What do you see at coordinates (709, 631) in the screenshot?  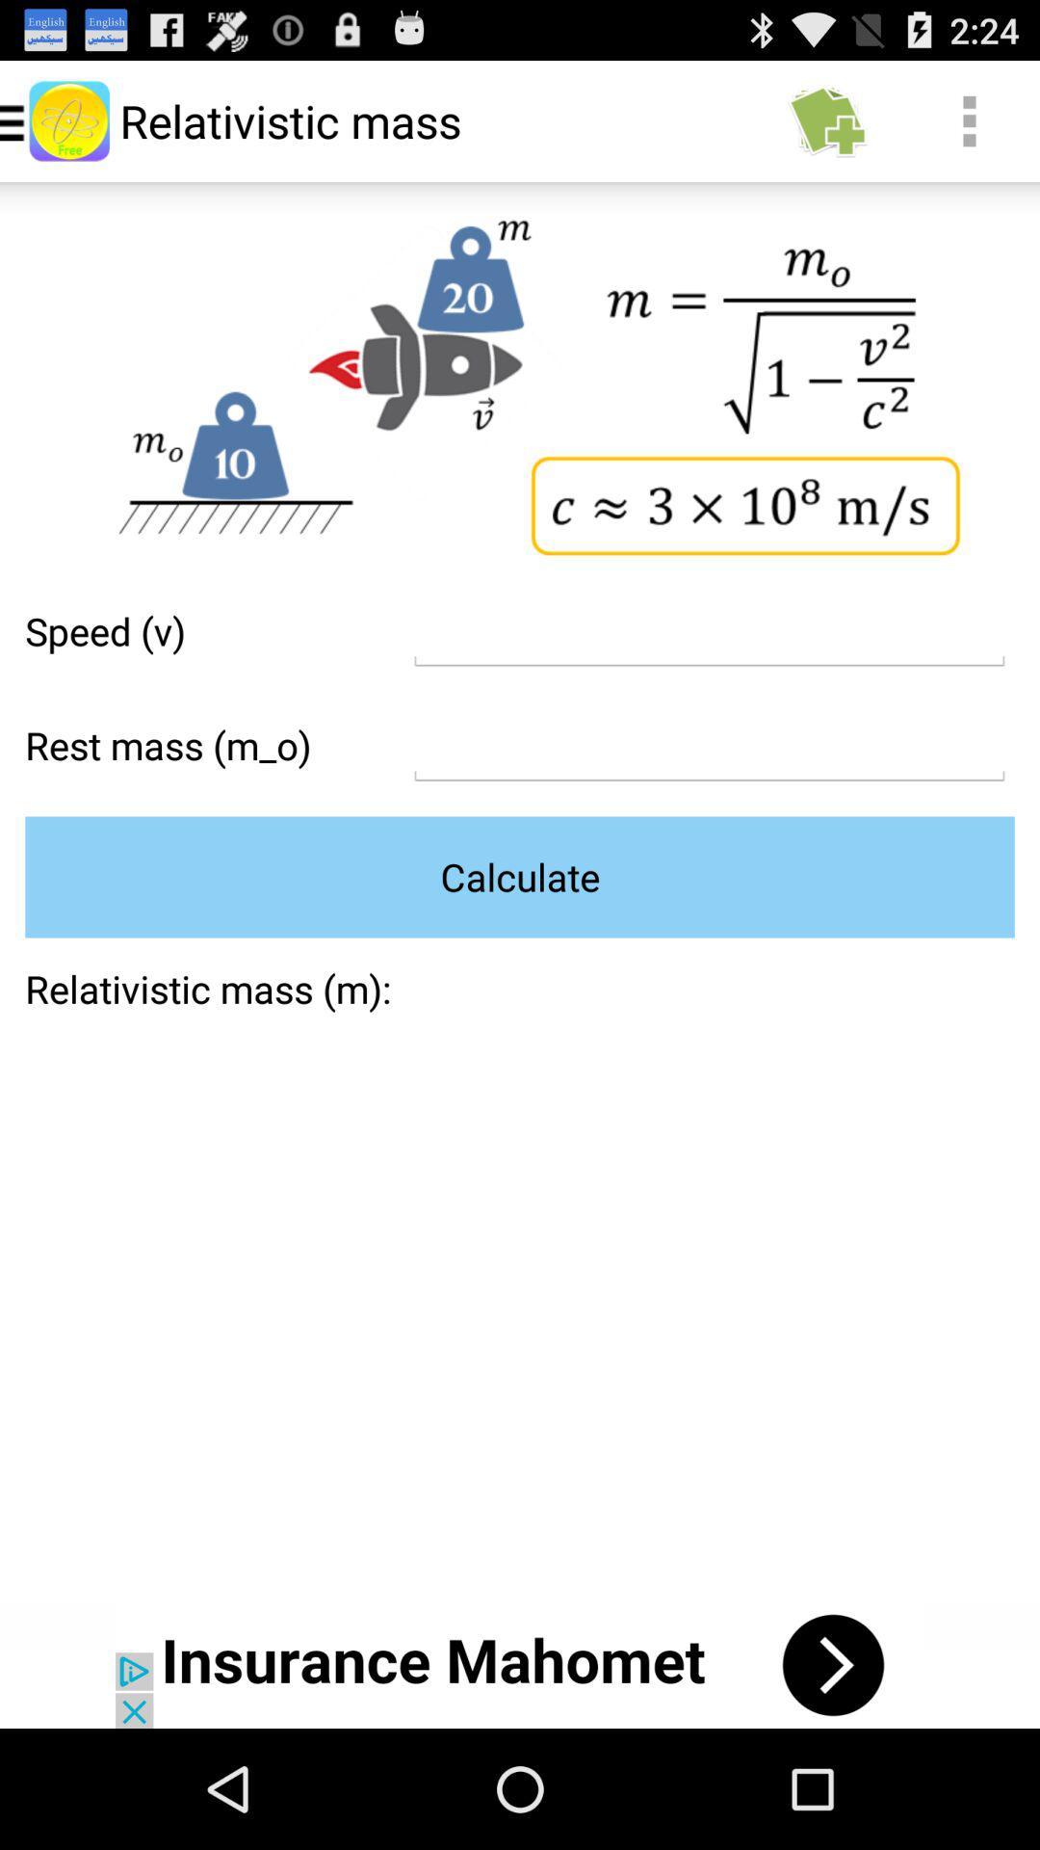 I see `formula page` at bounding box center [709, 631].